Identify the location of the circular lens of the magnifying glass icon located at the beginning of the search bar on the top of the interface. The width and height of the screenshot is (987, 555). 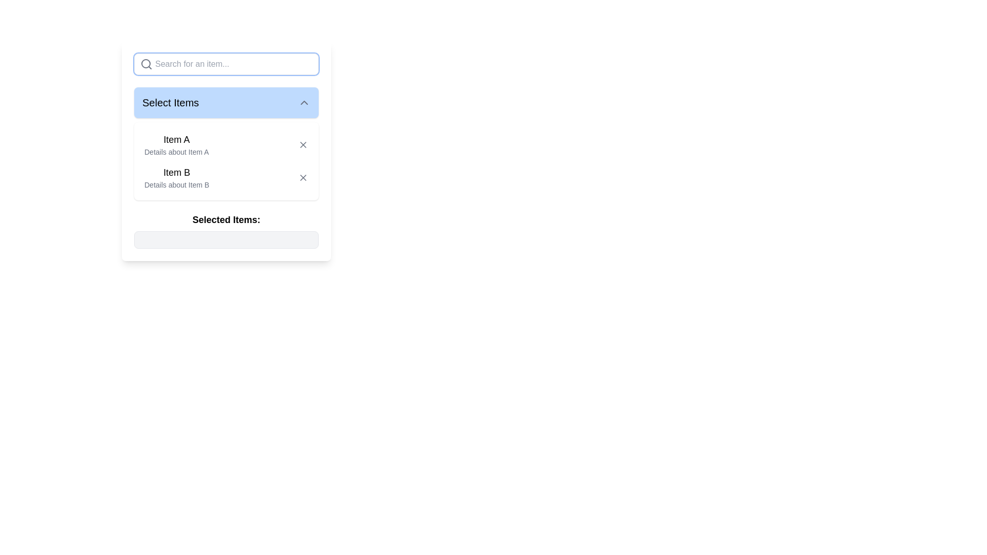
(145, 63).